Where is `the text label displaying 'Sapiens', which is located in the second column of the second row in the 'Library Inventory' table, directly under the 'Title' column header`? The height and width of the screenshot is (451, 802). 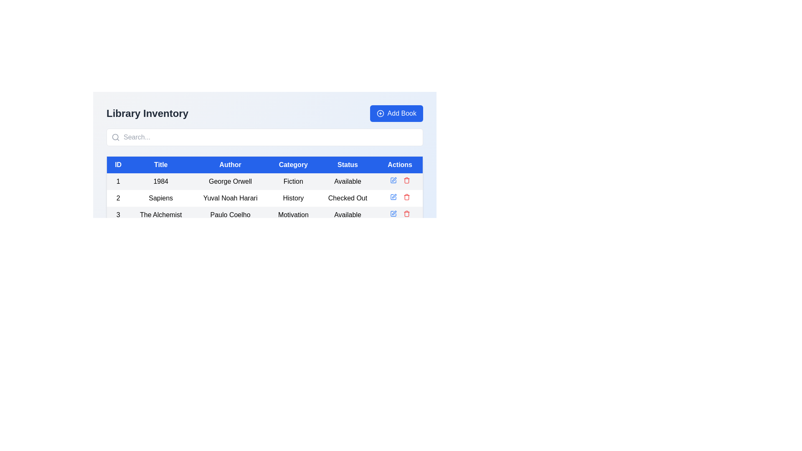
the text label displaying 'Sapiens', which is located in the second column of the second row in the 'Library Inventory' table, directly under the 'Title' column header is located at coordinates (161, 198).